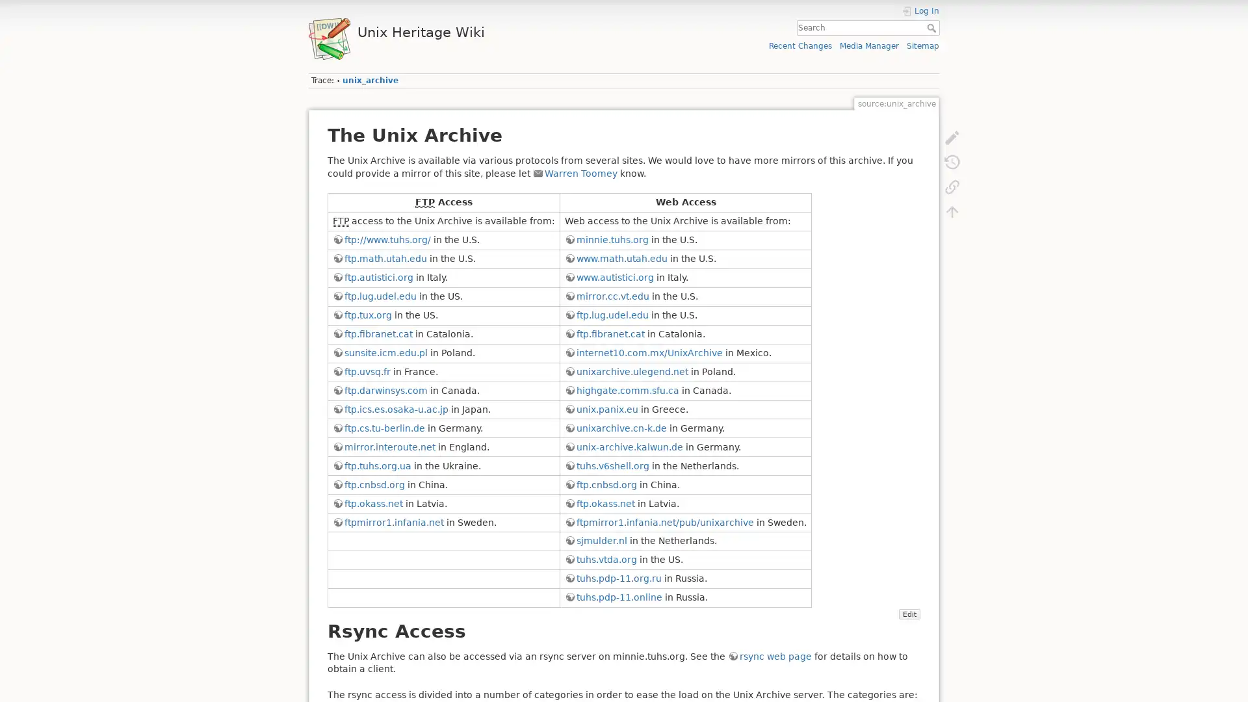 The height and width of the screenshot is (702, 1248). Describe the element at coordinates (932, 27) in the screenshot. I see `Search` at that location.